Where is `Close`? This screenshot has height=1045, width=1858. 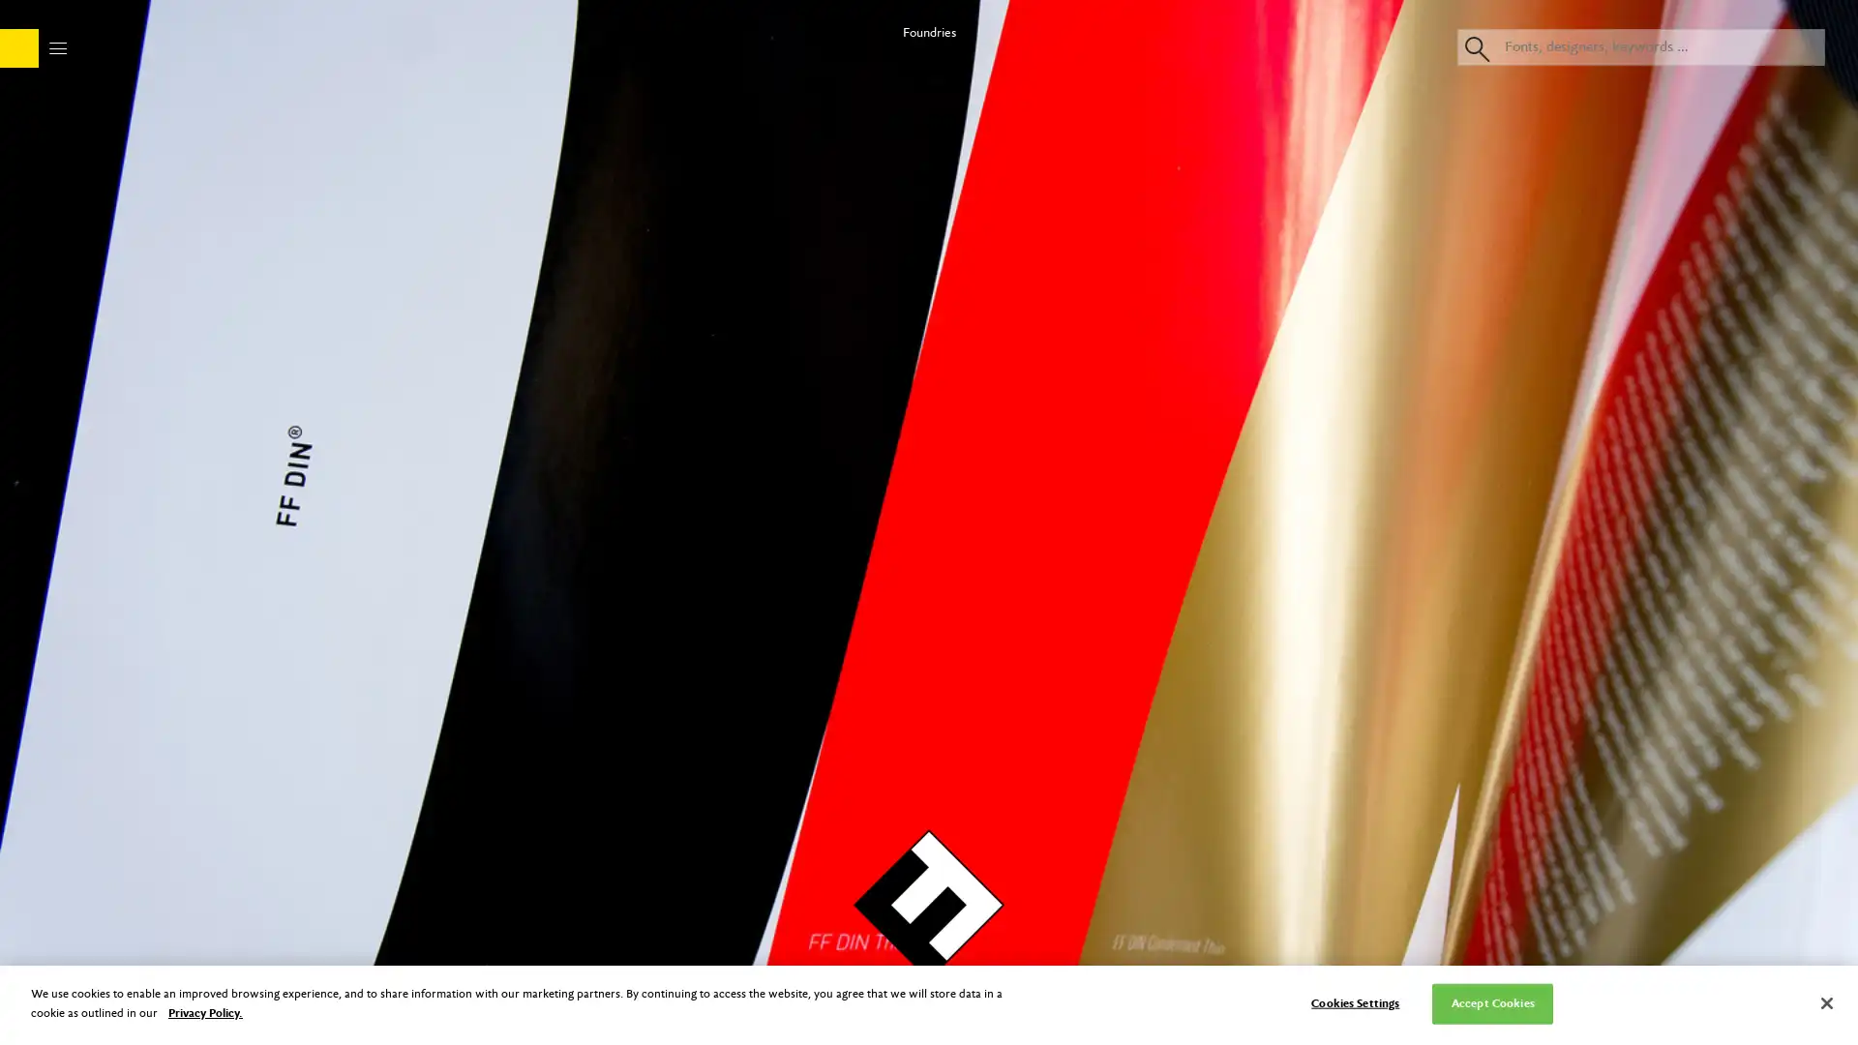
Close is located at coordinates (1099, 137).